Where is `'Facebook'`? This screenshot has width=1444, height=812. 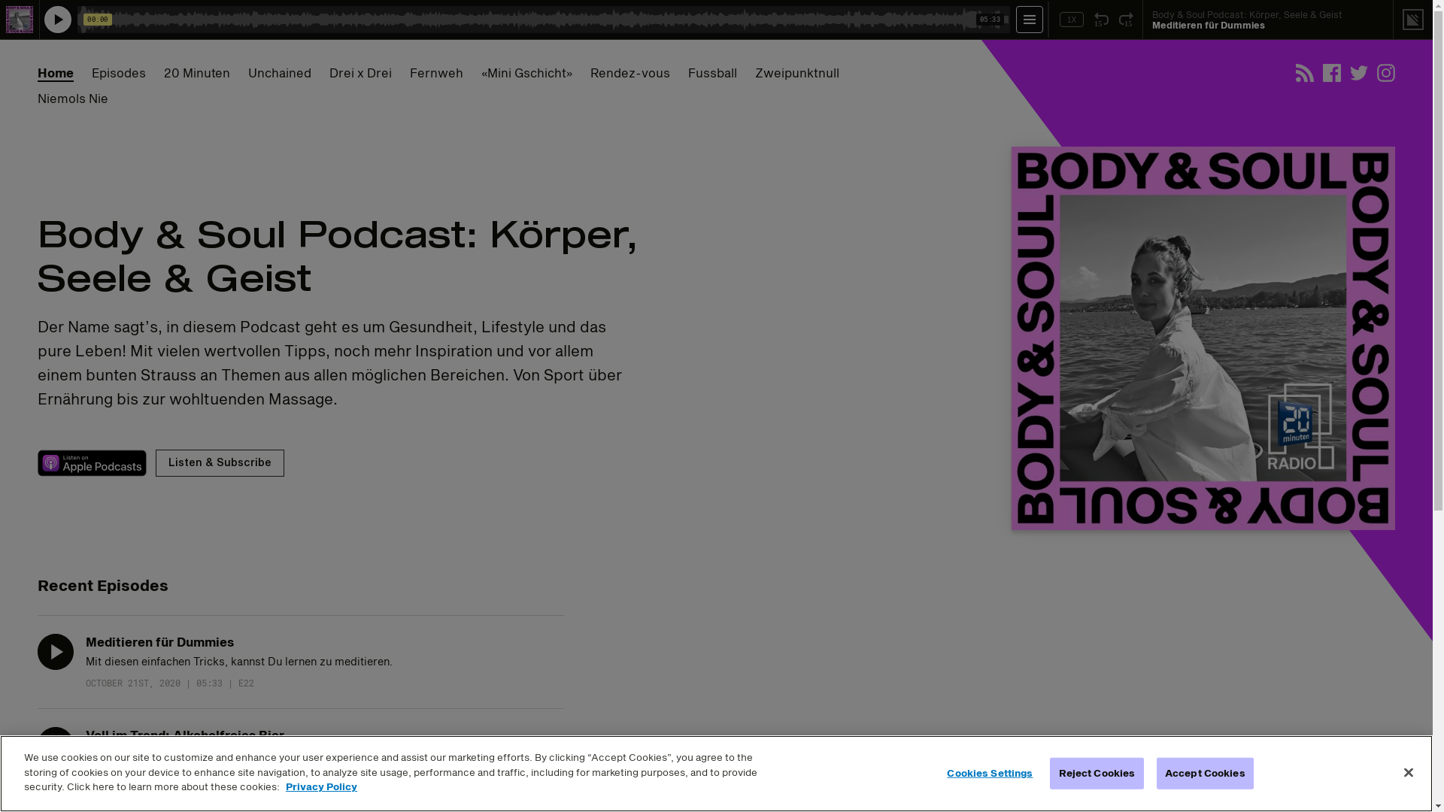 'Facebook' is located at coordinates (1332, 72).